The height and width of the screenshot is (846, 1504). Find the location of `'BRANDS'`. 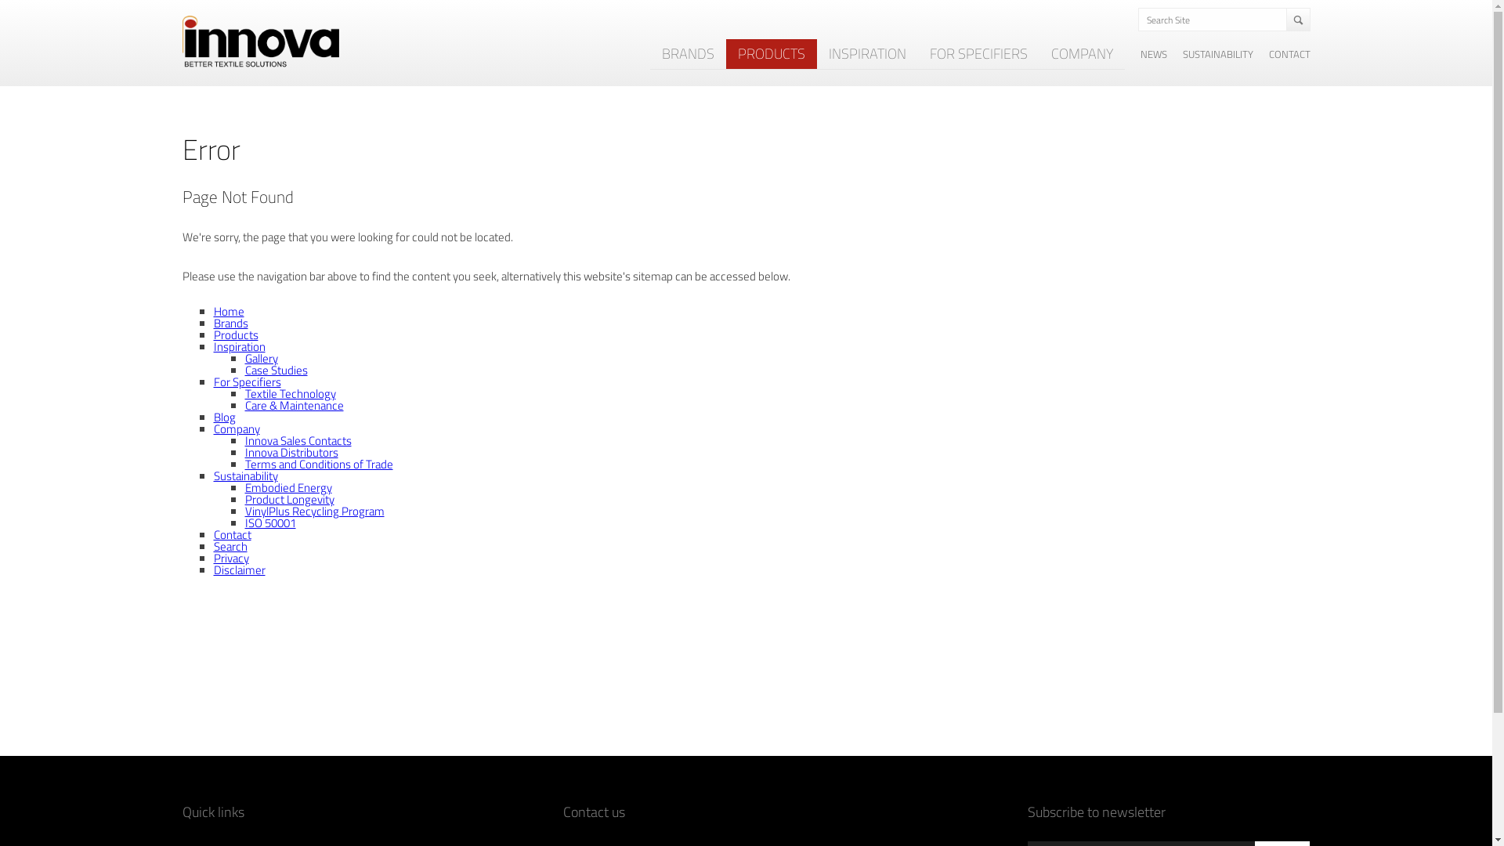

'BRANDS' is located at coordinates (688, 53).